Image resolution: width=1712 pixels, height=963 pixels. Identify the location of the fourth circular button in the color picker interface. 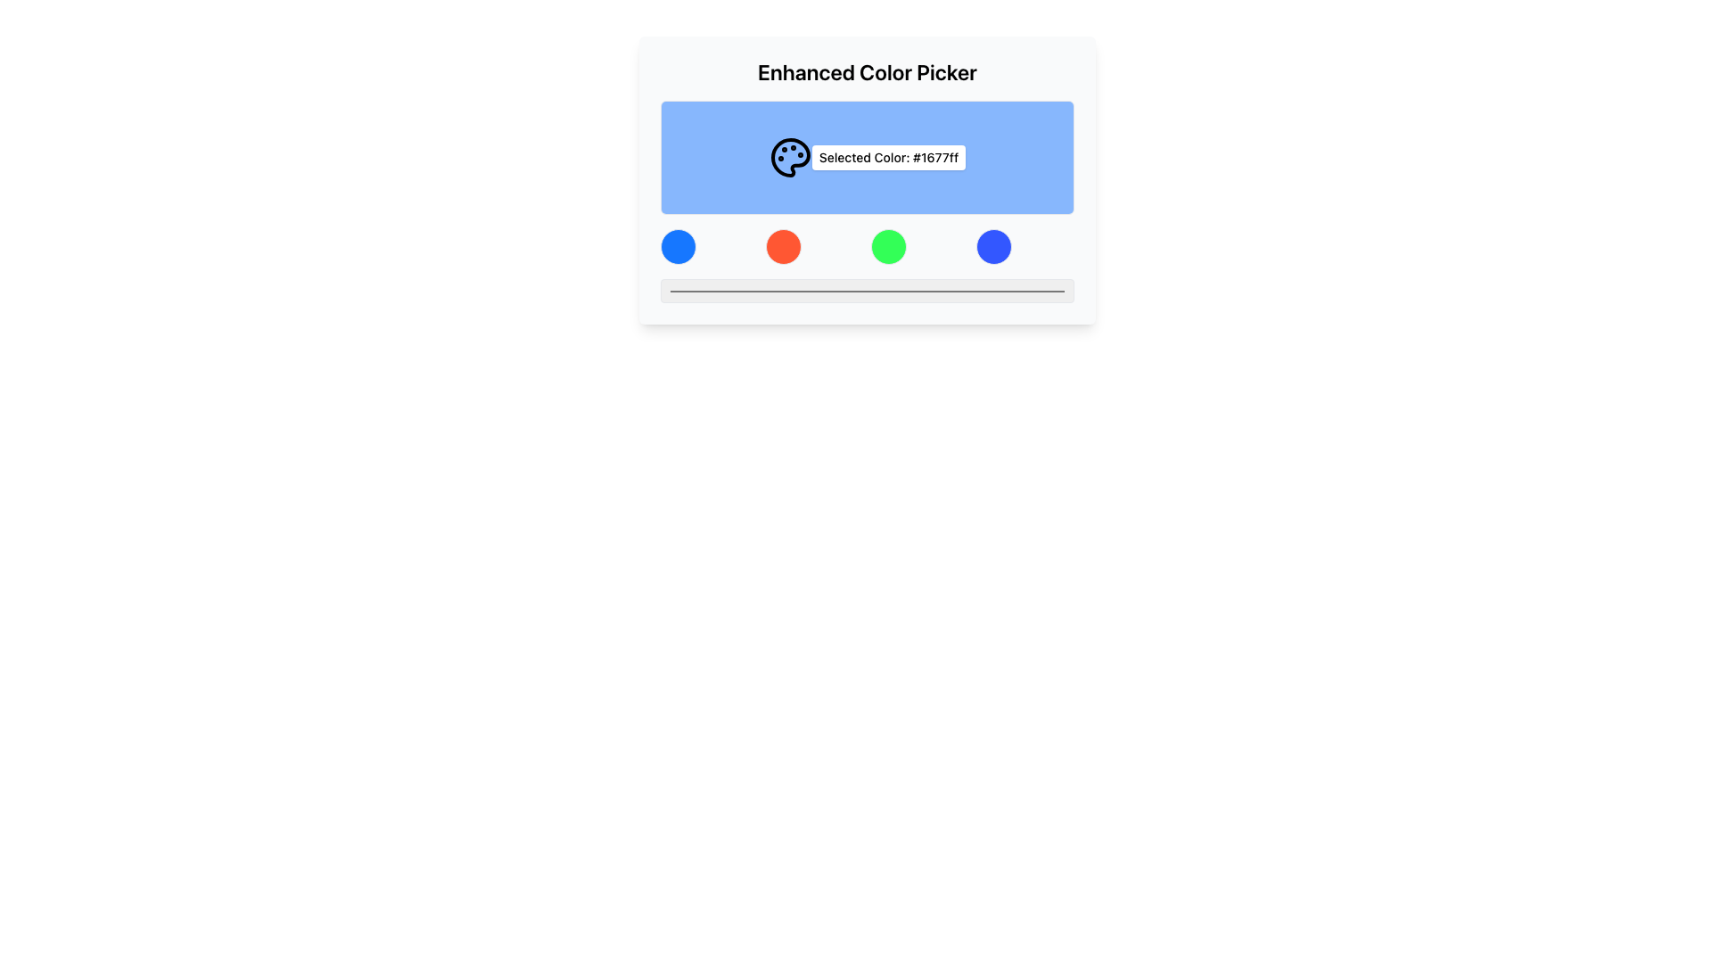
(992, 247).